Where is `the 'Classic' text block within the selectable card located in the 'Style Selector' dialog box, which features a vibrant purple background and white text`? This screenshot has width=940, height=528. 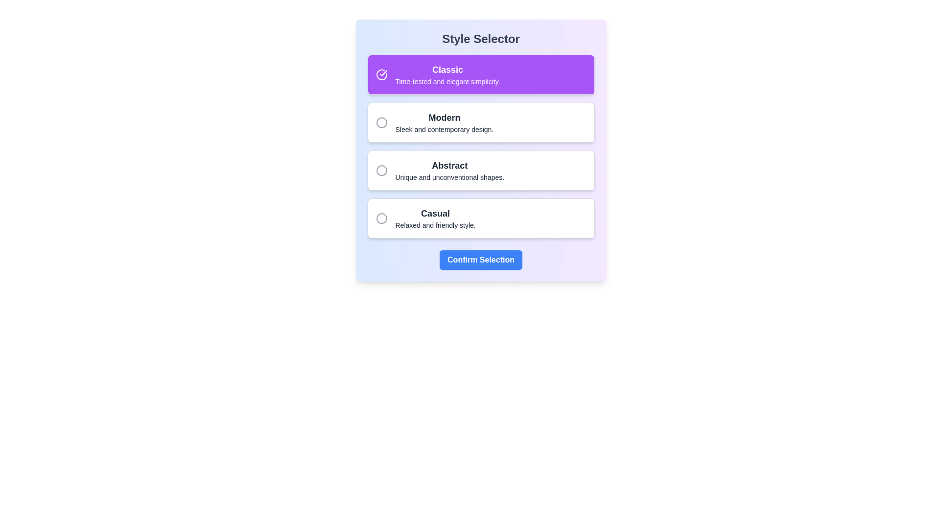
the 'Classic' text block within the selectable card located in the 'Style Selector' dialog box, which features a vibrant purple background and white text is located at coordinates (447, 74).